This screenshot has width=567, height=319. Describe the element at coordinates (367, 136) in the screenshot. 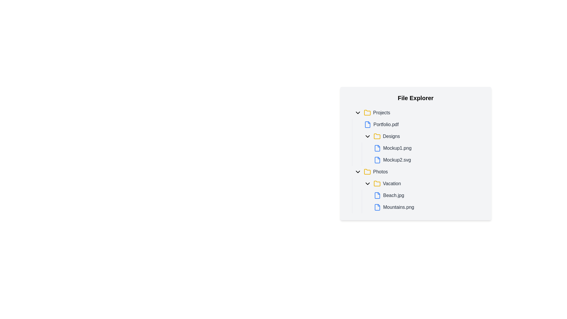

I see `the downward-pointing chevron arrow icon next to the 'Designs' label` at that location.